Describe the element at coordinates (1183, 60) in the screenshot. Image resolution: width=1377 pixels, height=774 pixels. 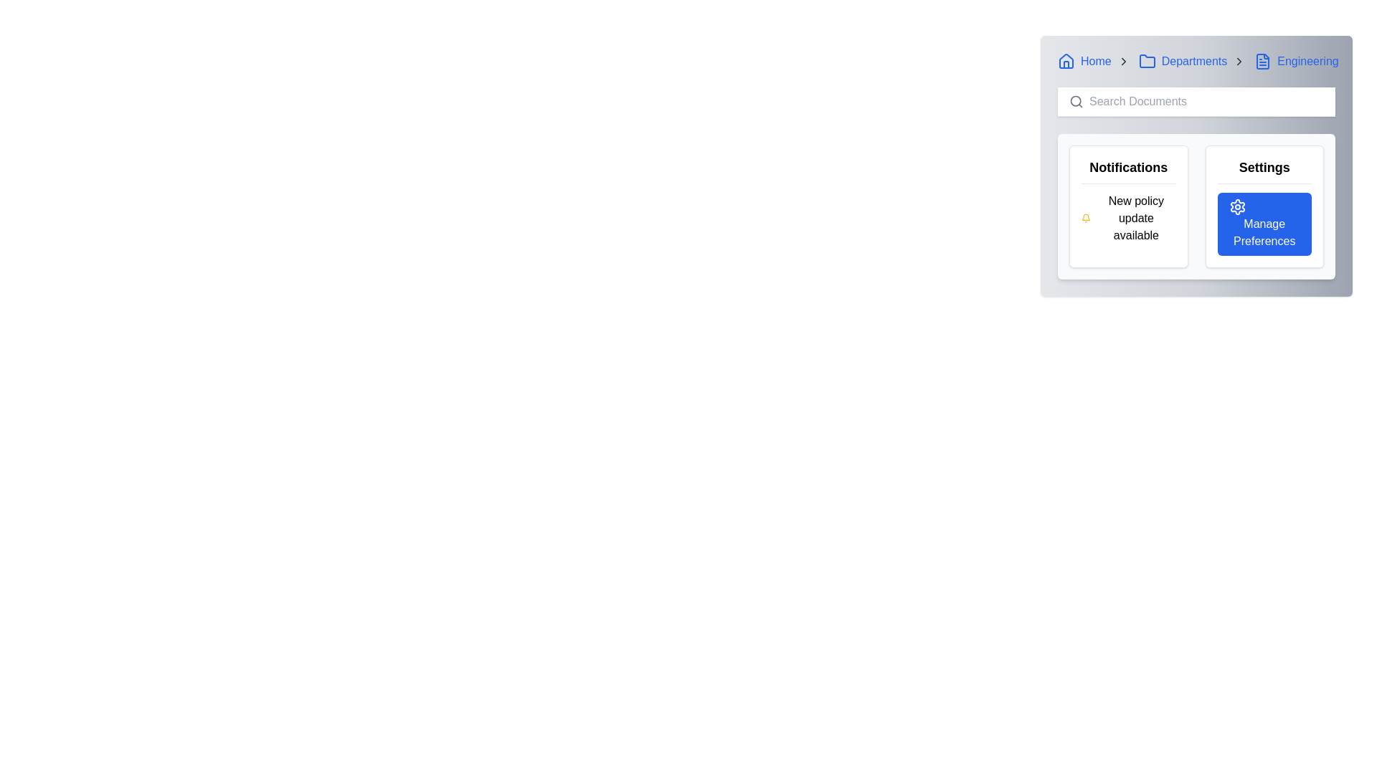
I see `the 'Departments' hyperlink, which is styled in blue font and accompanied by a folder icon` at that location.